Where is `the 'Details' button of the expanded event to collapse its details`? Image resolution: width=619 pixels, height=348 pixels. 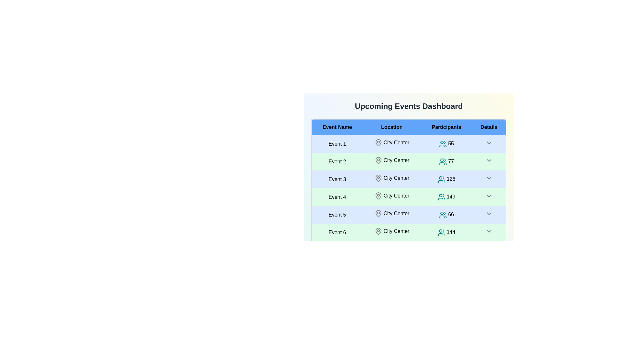
the 'Details' button of the expanded event to collapse its details is located at coordinates (489, 142).